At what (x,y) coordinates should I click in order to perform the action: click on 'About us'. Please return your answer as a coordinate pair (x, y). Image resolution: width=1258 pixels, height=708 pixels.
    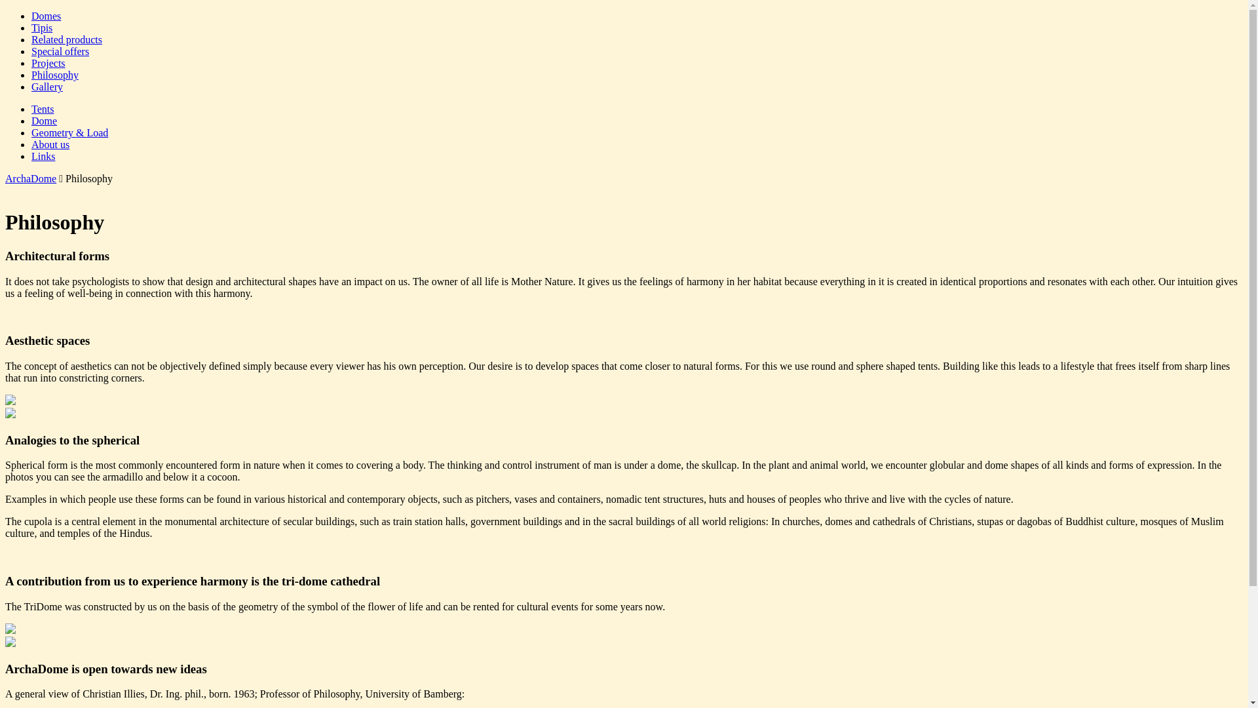
    Looking at the image, I should click on (50, 144).